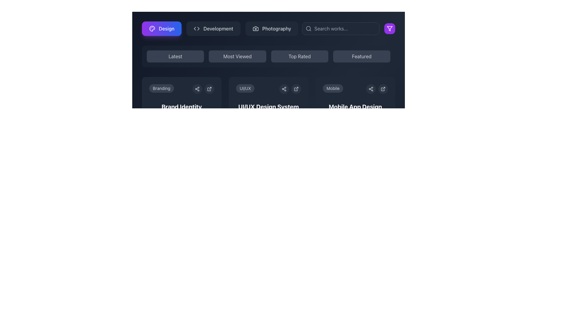 The width and height of the screenshot is (581, 326). I want to click on the first button in the row of four buttons at the top of the interface, so click(175, 56).